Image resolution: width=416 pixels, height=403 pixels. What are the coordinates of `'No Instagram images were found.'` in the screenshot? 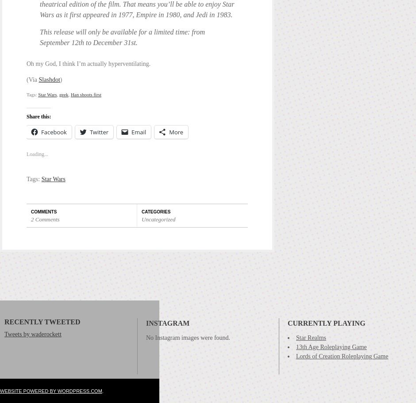 It's located at (188, 335).